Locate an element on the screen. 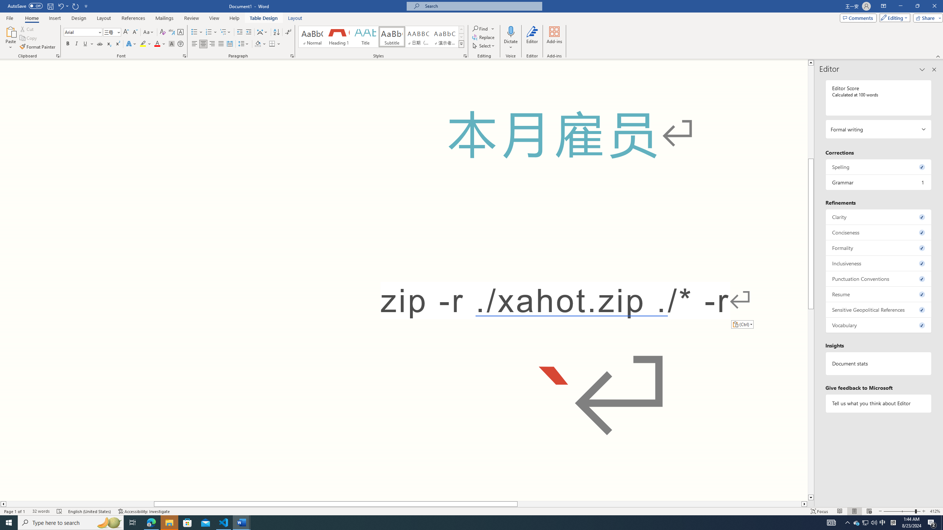 This screenshot has width=943, height=530. 'Zoom 412%' is located at coordinates (935, 511).